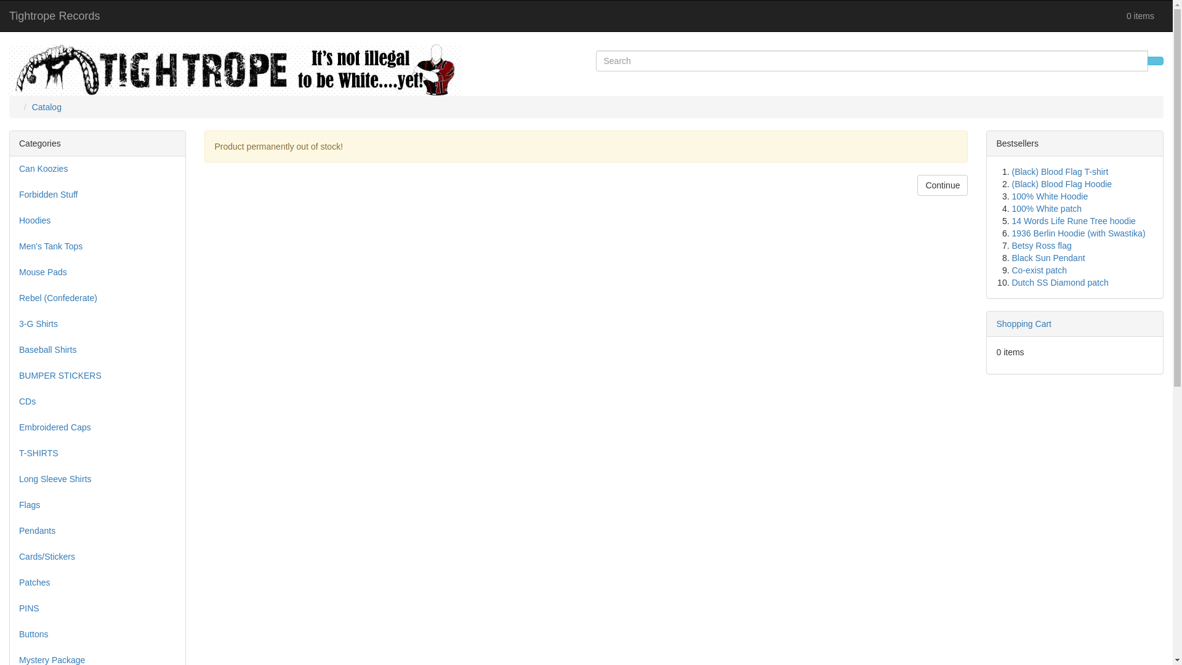 The width and height of the screenshot is (1182, 665). What do you see at coordinates (1038, 270) in the screenshot?
I see `'Co-exist patch'` at bounding box center [1038, 270].